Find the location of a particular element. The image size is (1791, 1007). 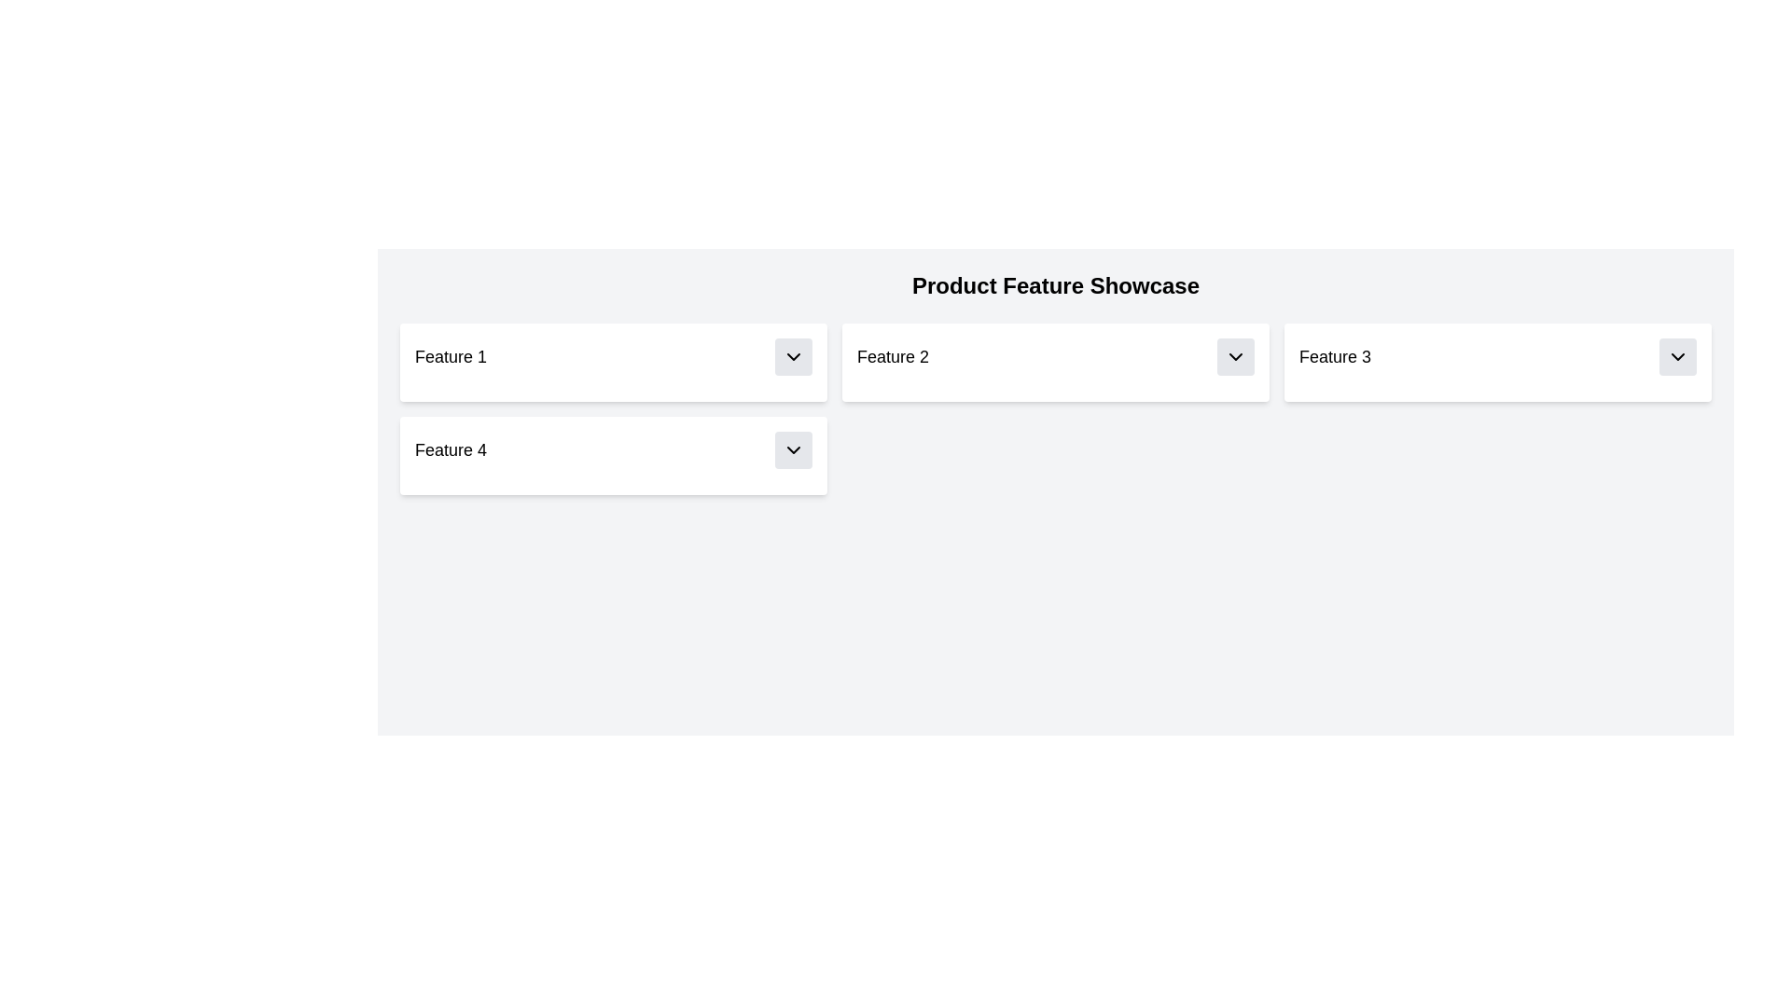

the 'Feature 4' card located in the lower-left corner of the grid layout is located at coordinates (613, 456).